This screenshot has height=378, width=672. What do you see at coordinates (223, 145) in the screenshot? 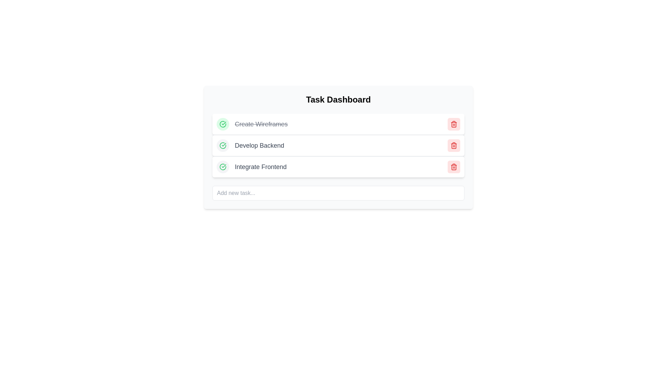
I see `the circular shape of the checkmark icon indicating the completion of the task 'Create Wireframes', which has a green border and represents success` at bounding box center [223, 145].